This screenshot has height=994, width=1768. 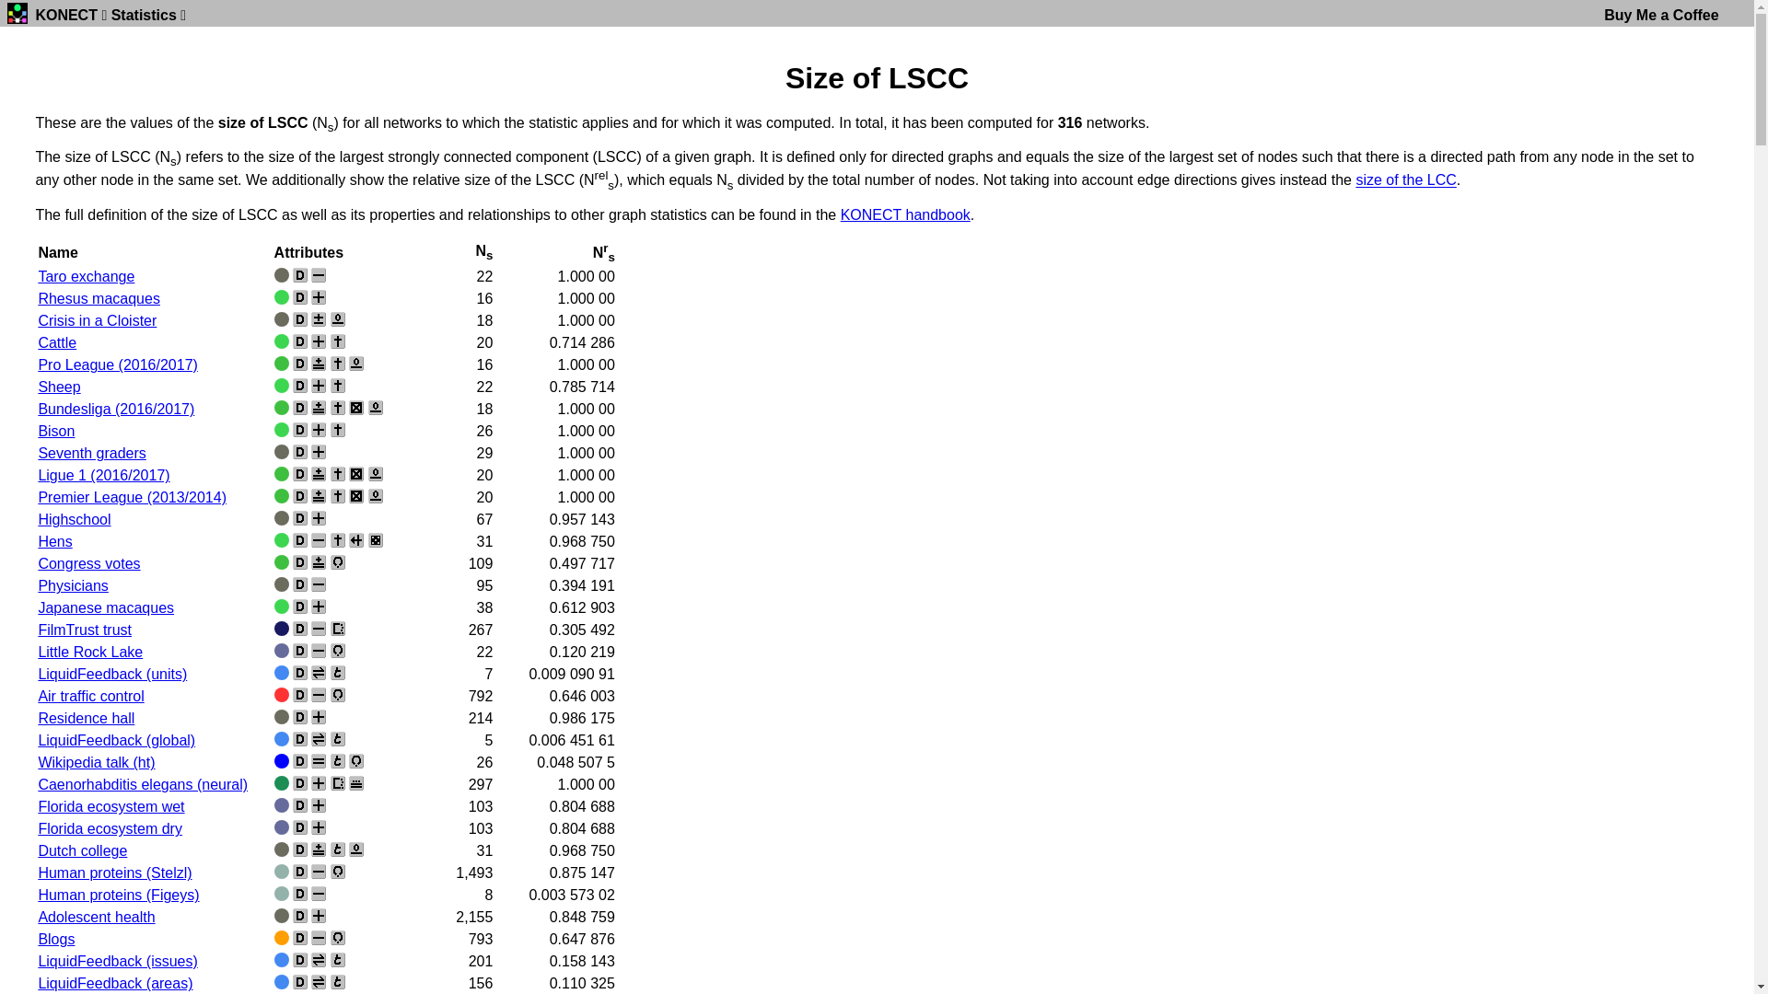 I want to click on 'KONECT handbook', so click(x=905, y=214).